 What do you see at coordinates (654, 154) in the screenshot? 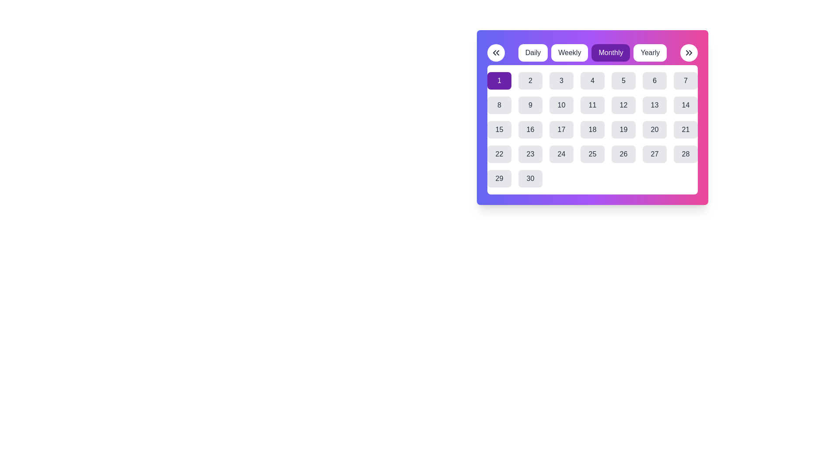
I see `the square-shaped button containing the number '27' with black text` at bounding box center [654, 154].